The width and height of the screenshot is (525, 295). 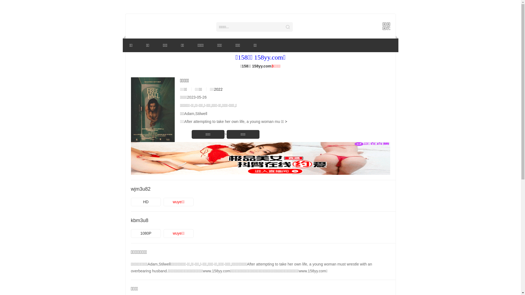 What do you see at coordinates (145, 234) in the screenshot?
I see `'1080P'` at bounding box center [145, 234].